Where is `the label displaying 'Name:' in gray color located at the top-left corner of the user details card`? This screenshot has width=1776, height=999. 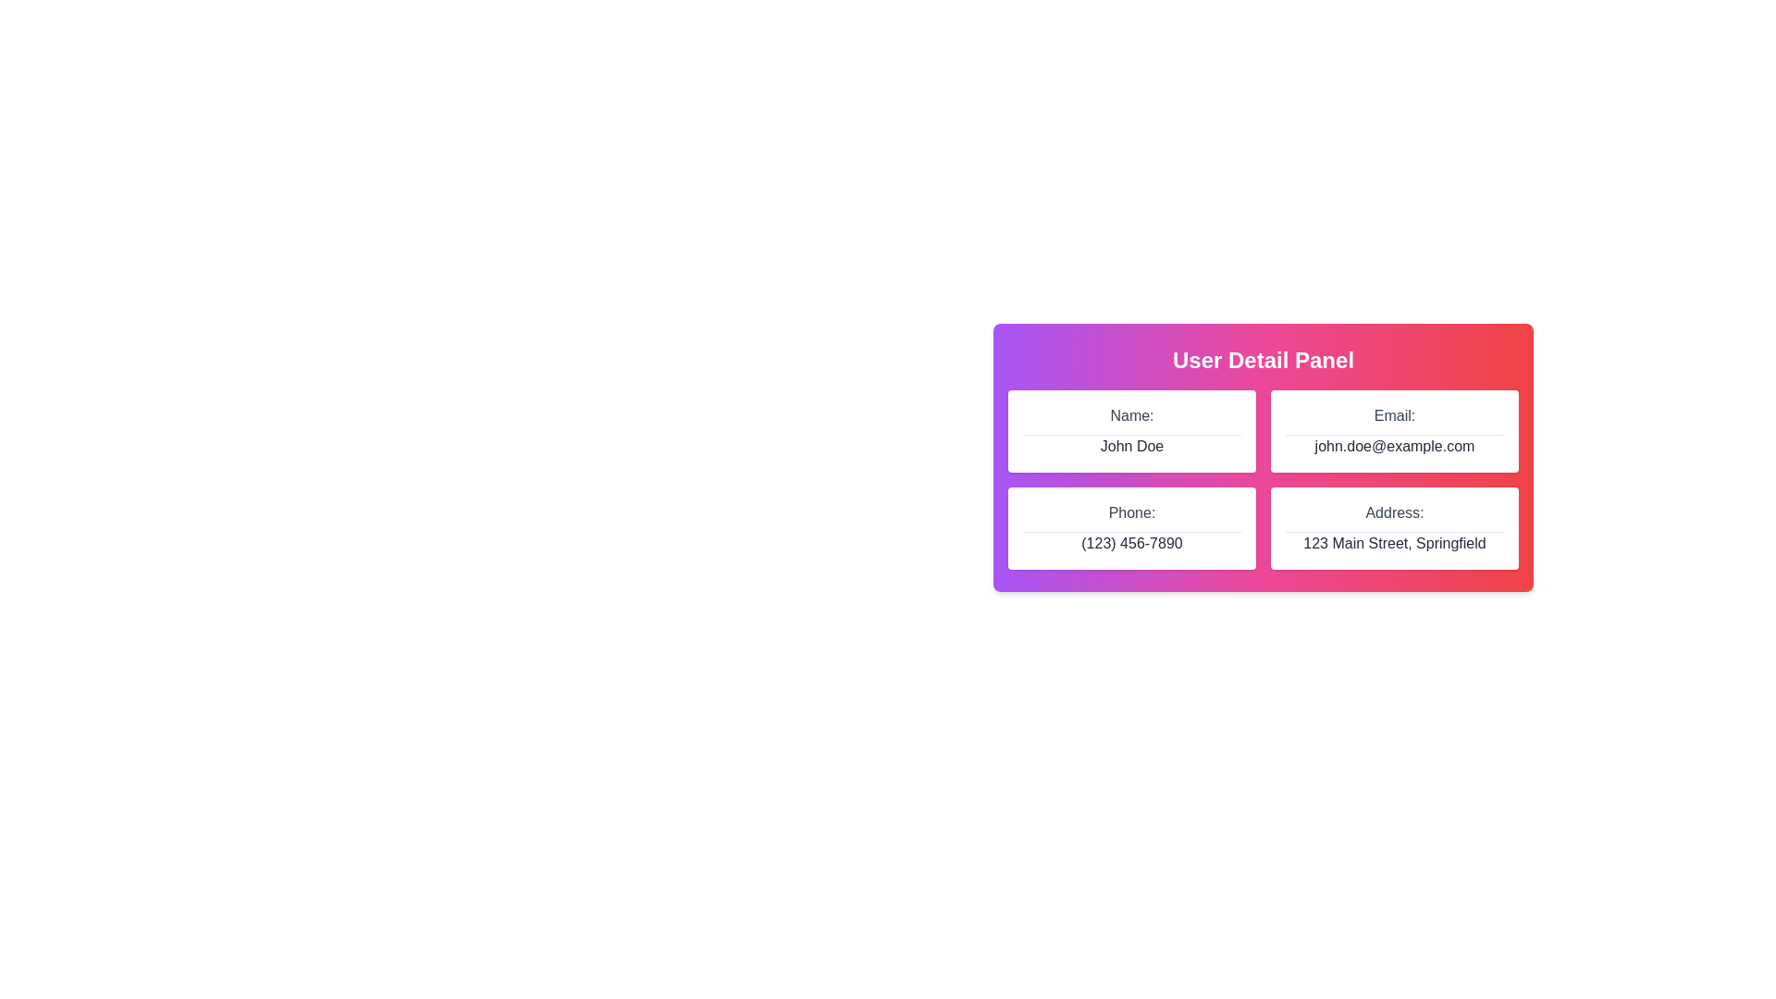
the label displaying 'Name:' in gray color located at the top-left corner of the user details card is located at coordinates (1131, 416).